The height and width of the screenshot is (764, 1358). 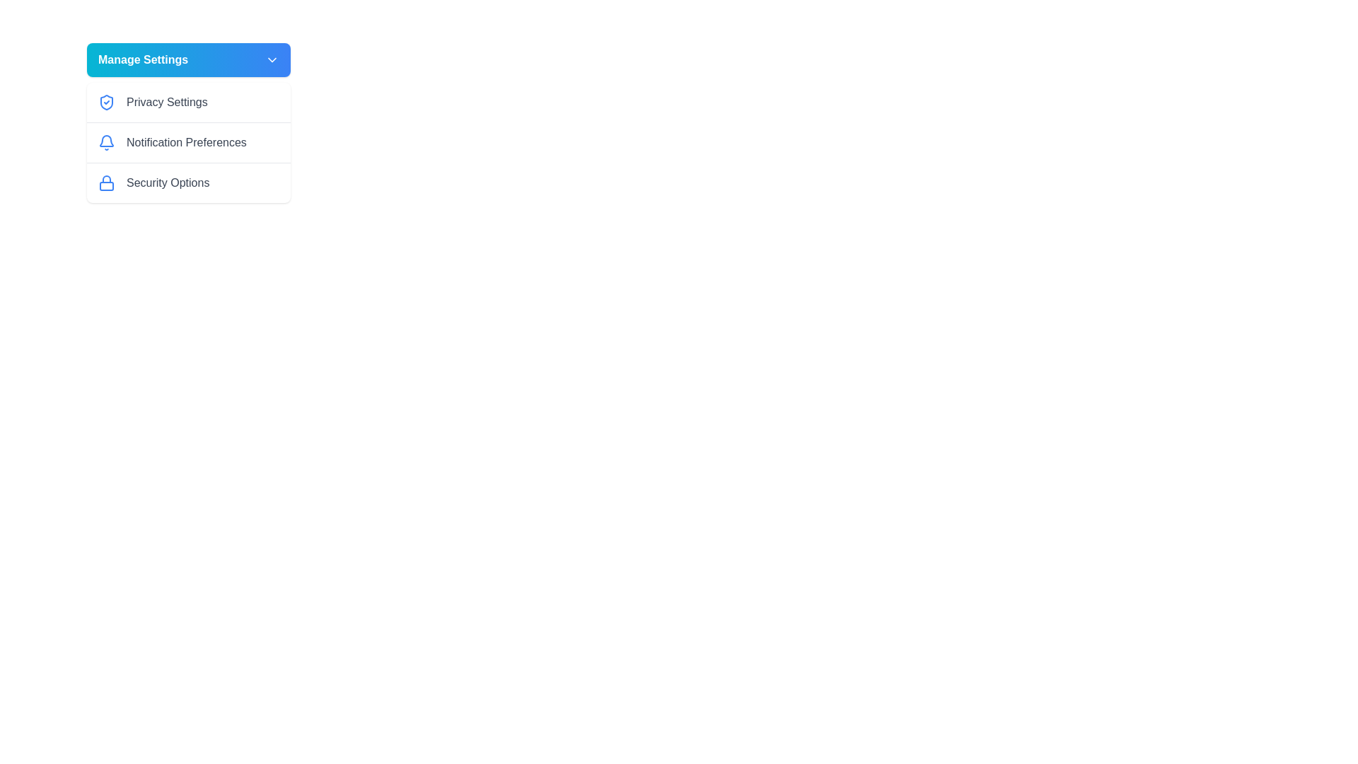 What do you see at coordinates (167, 102) in the screenshot?
I see `text label displaying 'Privacy Settings', which is the first option in the settings list under the 'Manage Settings' dropdown menu, adjacent to a blue shield icon` at bounding box center [167, 102].